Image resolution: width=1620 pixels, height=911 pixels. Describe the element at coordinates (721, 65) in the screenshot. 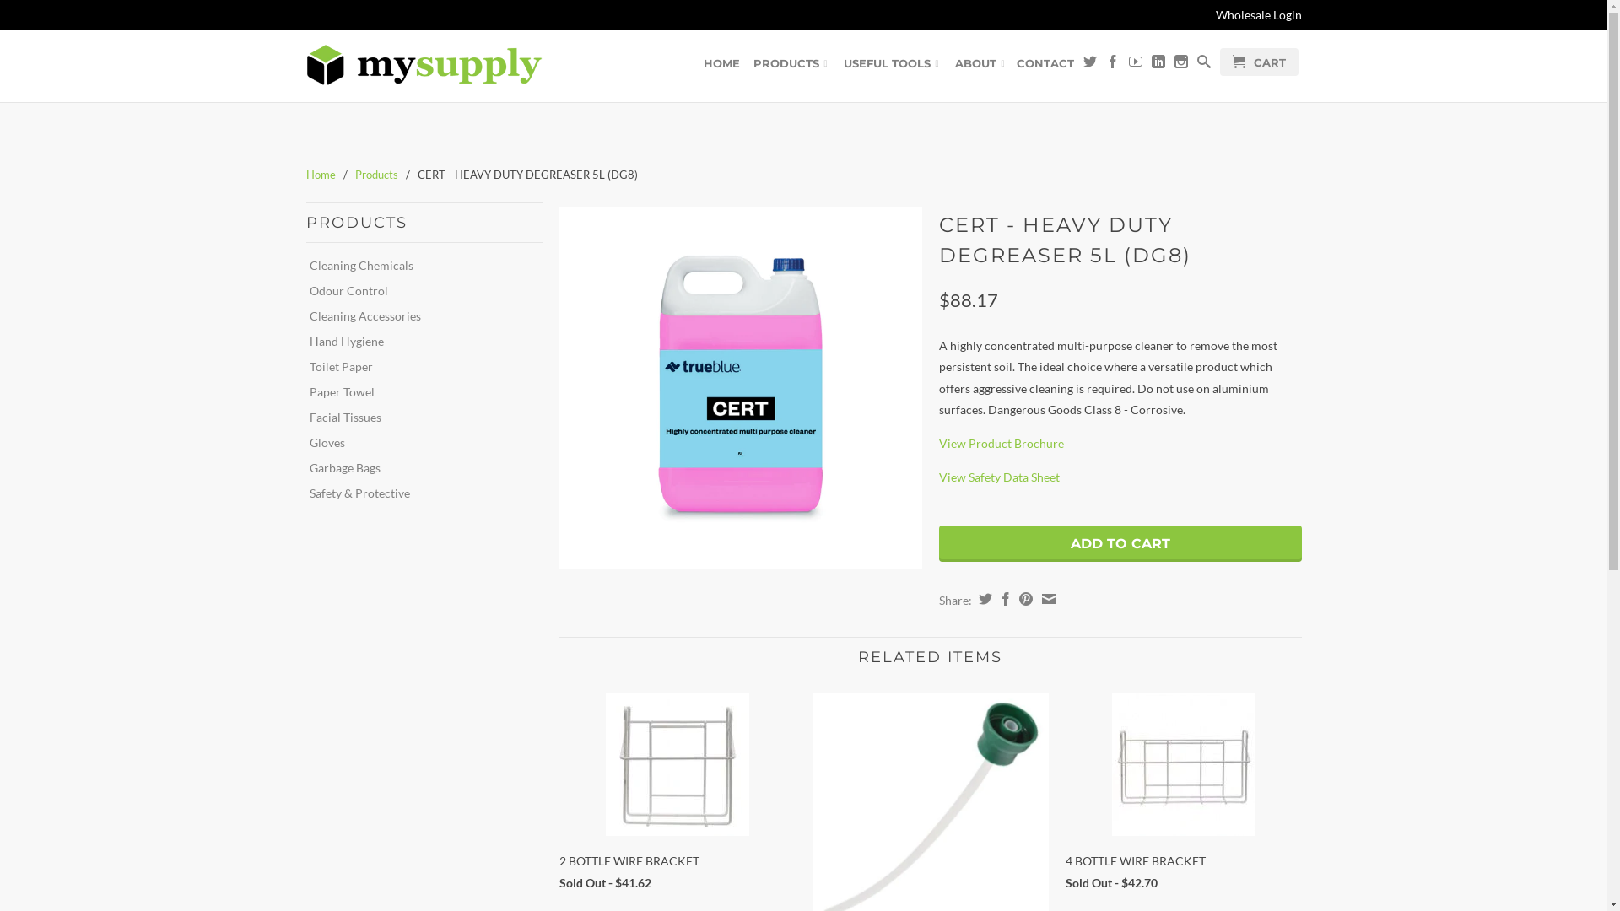

I see `'HOME'` at that location.